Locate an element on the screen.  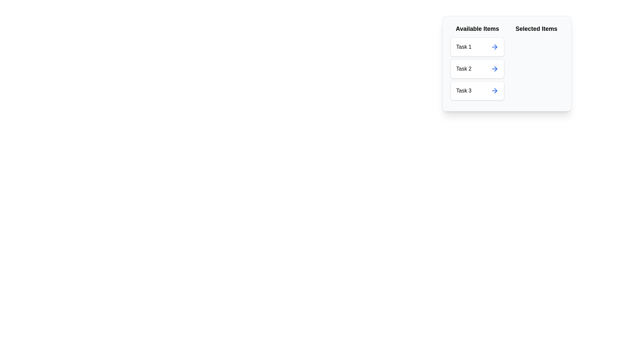
text label displaying 'Task 3' located within the clickable button-like area in the third row of the 'Available Items' section is located at coordinates (463, 90).